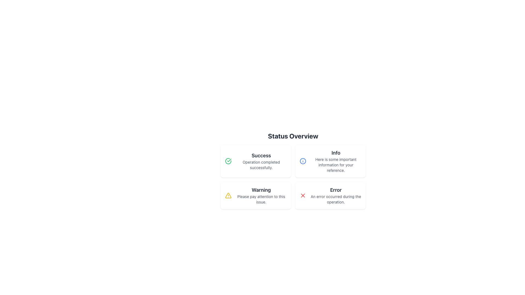 The image size is (525, 295). Describe the element at coordinates (261, 165) in the screenshot. I see `confirmation text indicating the successful completion of an operation, which is located below the 'Success' text in the top-left section of the grid layout` at that location.